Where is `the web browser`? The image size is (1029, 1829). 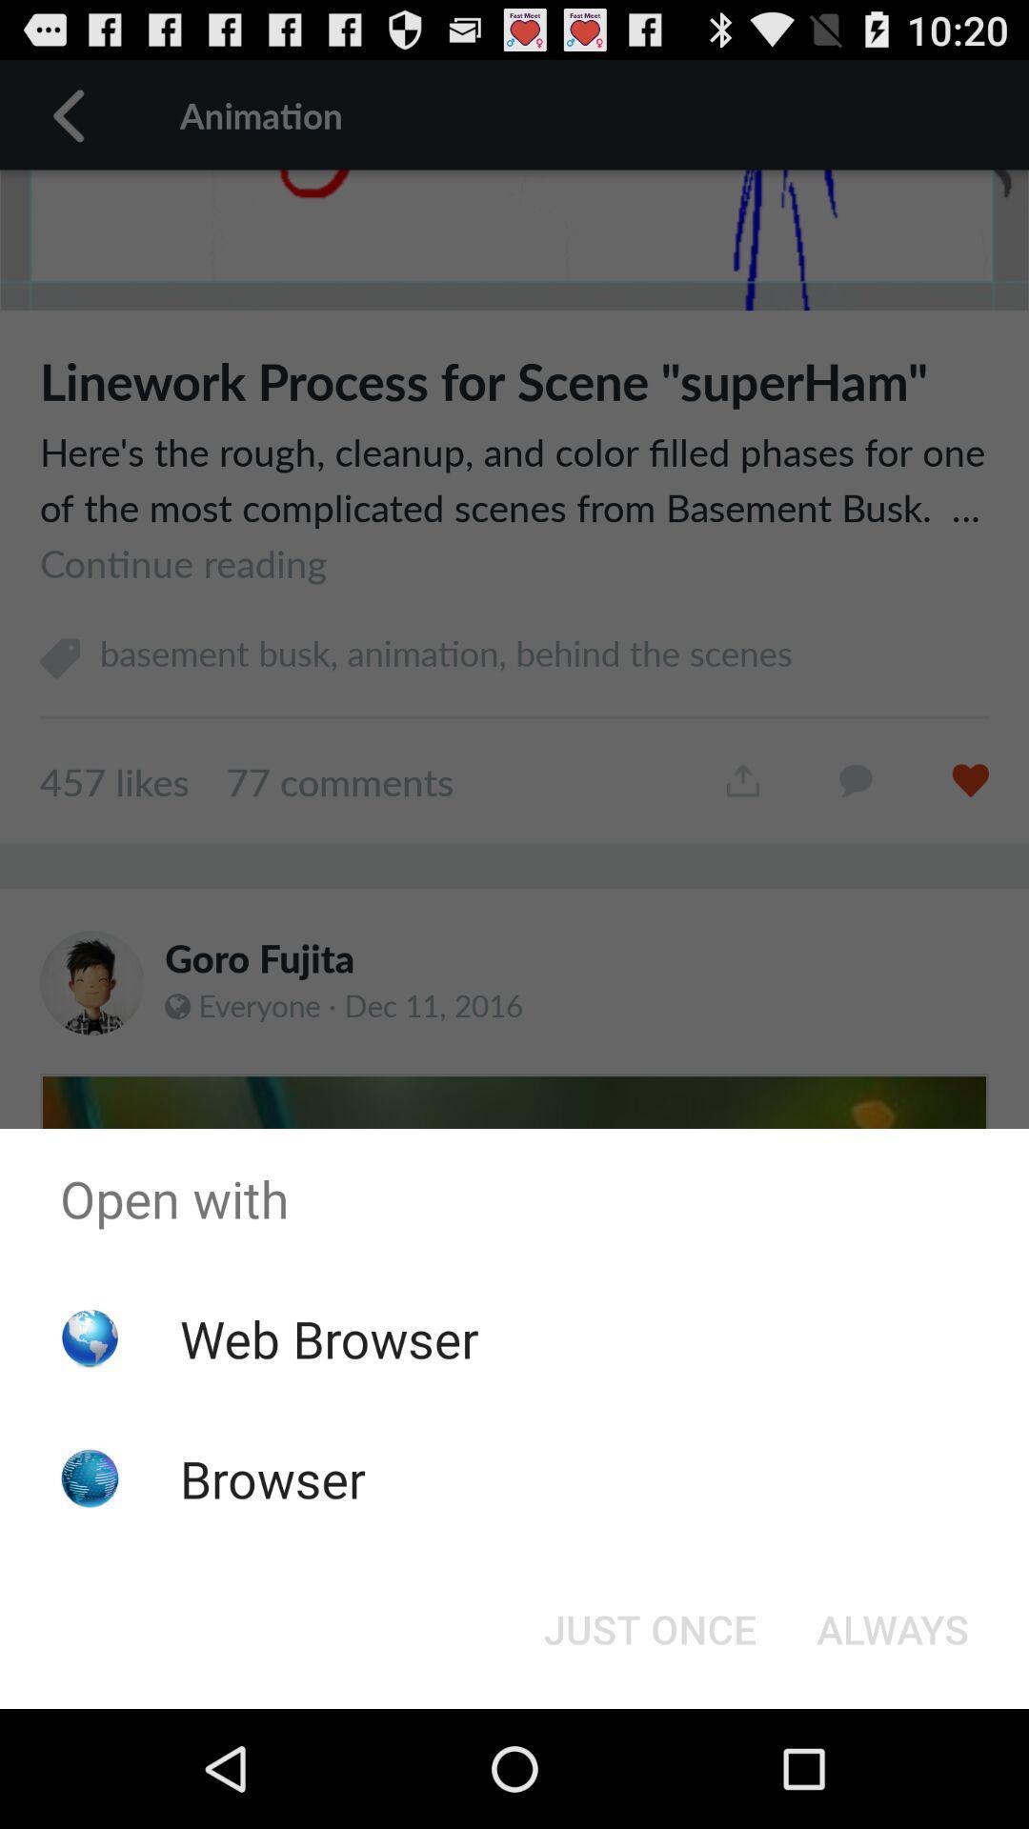
the web browser is located at coordinates (328, 1337).